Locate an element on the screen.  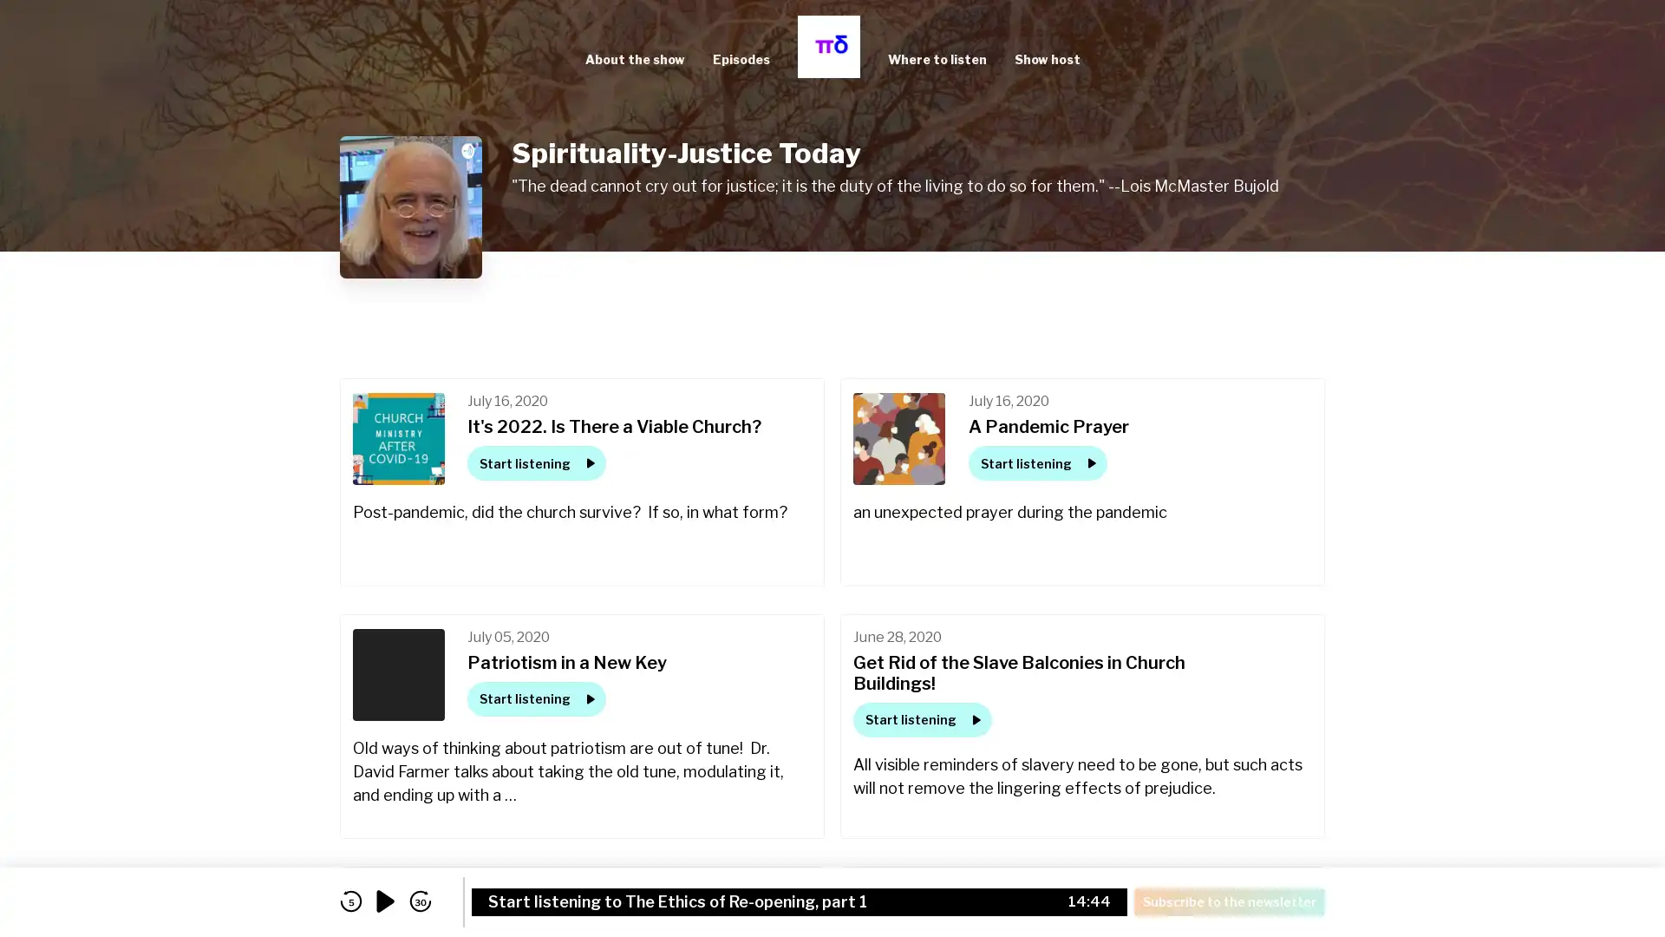
Start listening is located at coordinates (536, 698).